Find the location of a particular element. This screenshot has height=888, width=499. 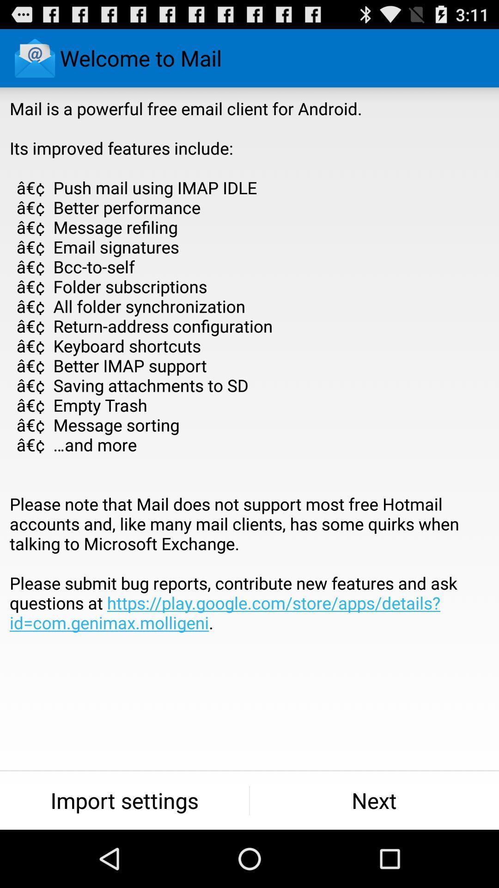

icon at the center is located at coordinates (249, 385).